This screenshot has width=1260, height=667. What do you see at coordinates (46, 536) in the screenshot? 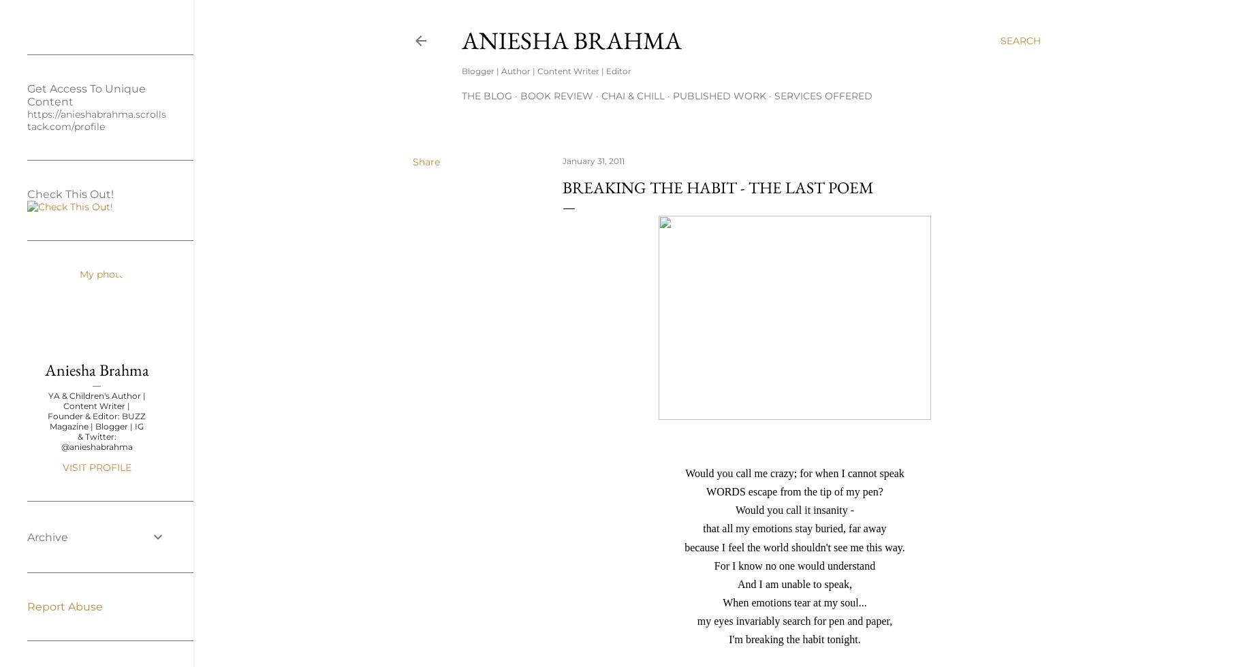
I see `'Archive'` at bounding box center [46, 536].